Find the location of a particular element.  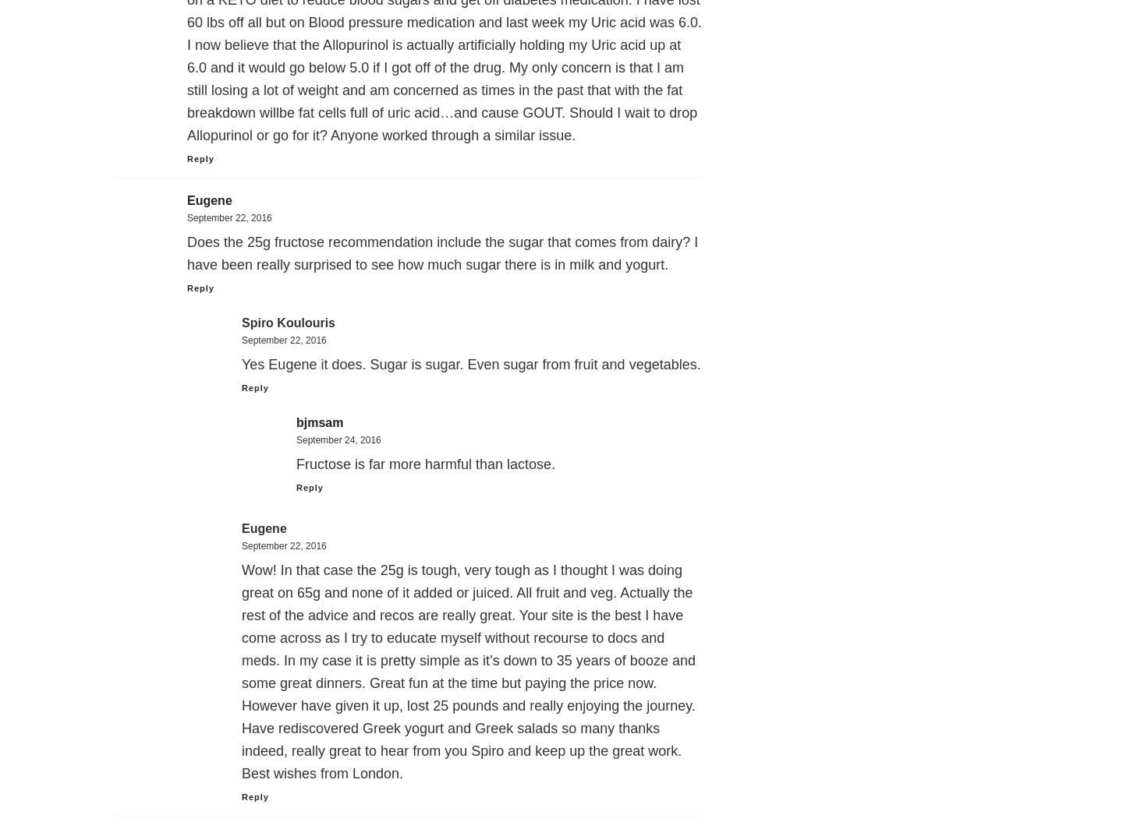

'Wow! In that case the 25g is tough, very tough as I thought I was doing great on 65g and none of it added or juiced. All fruit and veg. Actually the rest of the advice and recos are really great. Your site is the best I have come across as I try to educate myself without recourse to docs and meds. In my case it is pretty simple as it’s down to 35 years of booze and some great dinners. Great fun at the time but paying the price now. However have given it up, lost 25 pounds and really enjoying the journey. Have rediscovered Greek yogurt and Greek salads so many thanks indeed, really great to hear from you Spiro and keep up the great work. Best wishes from London.' is located at coordinates (468, 672).